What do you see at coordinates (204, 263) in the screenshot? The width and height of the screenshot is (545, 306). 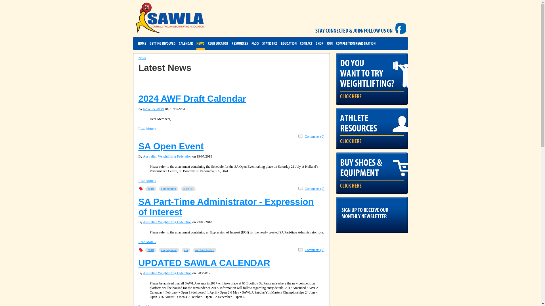 I see `'UPDATED SAWLA CALENDAR'` at bounding box center [204, 263].